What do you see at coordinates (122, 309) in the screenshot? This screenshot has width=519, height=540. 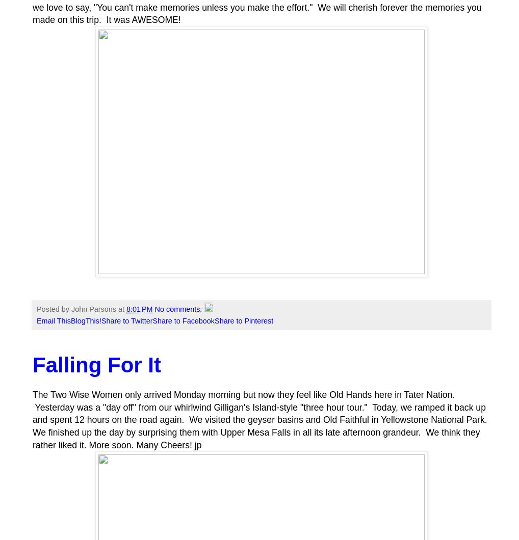 I see `'at'` at bounding box center [122, 309].